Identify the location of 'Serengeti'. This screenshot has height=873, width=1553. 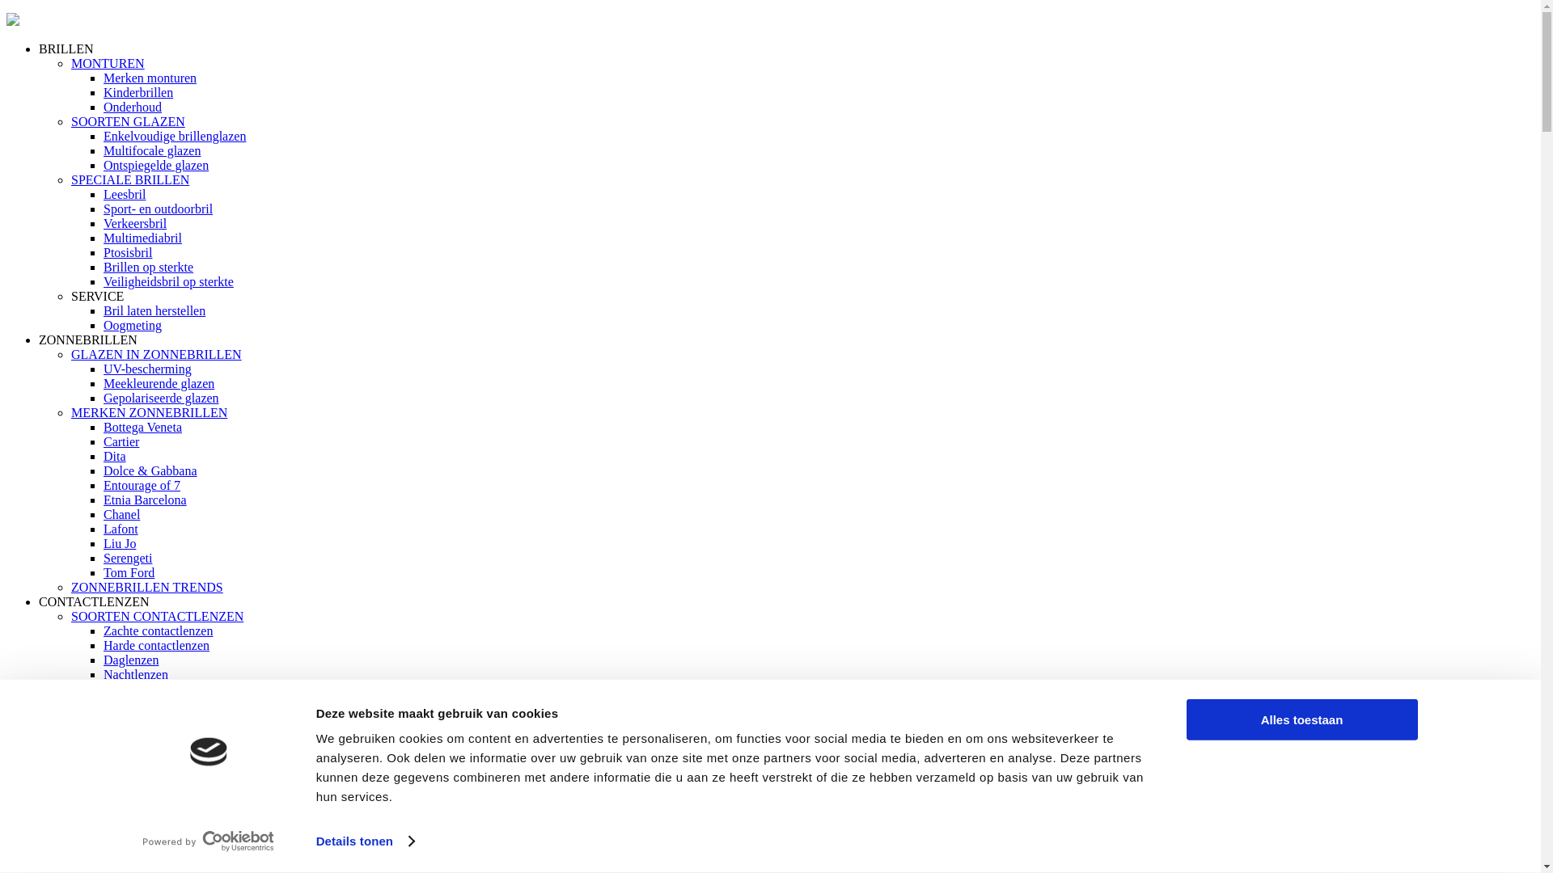
(103, 557).